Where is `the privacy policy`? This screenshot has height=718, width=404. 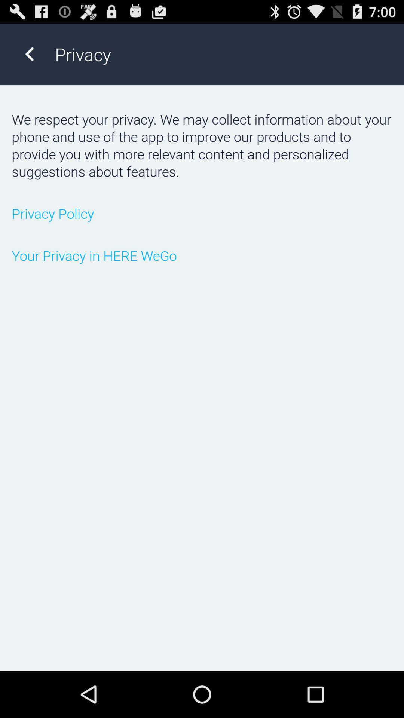
the privacy policy is located at coordinates (202, 213).